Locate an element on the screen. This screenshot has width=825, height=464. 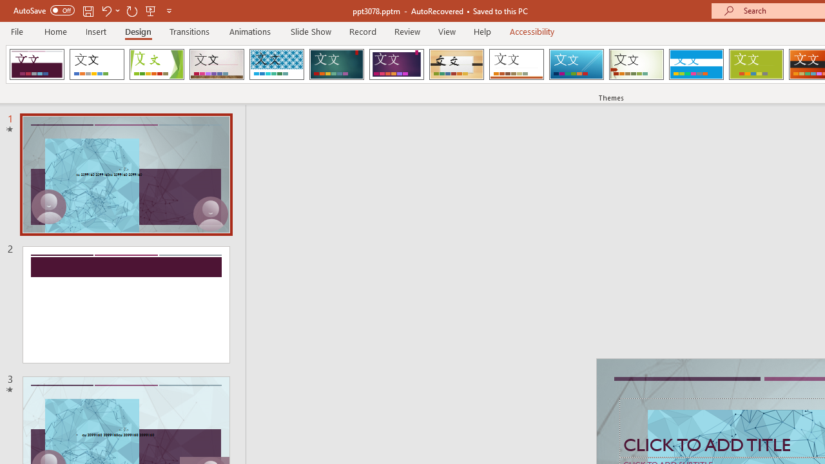
'Ion' is located at coordinates (336, 64).